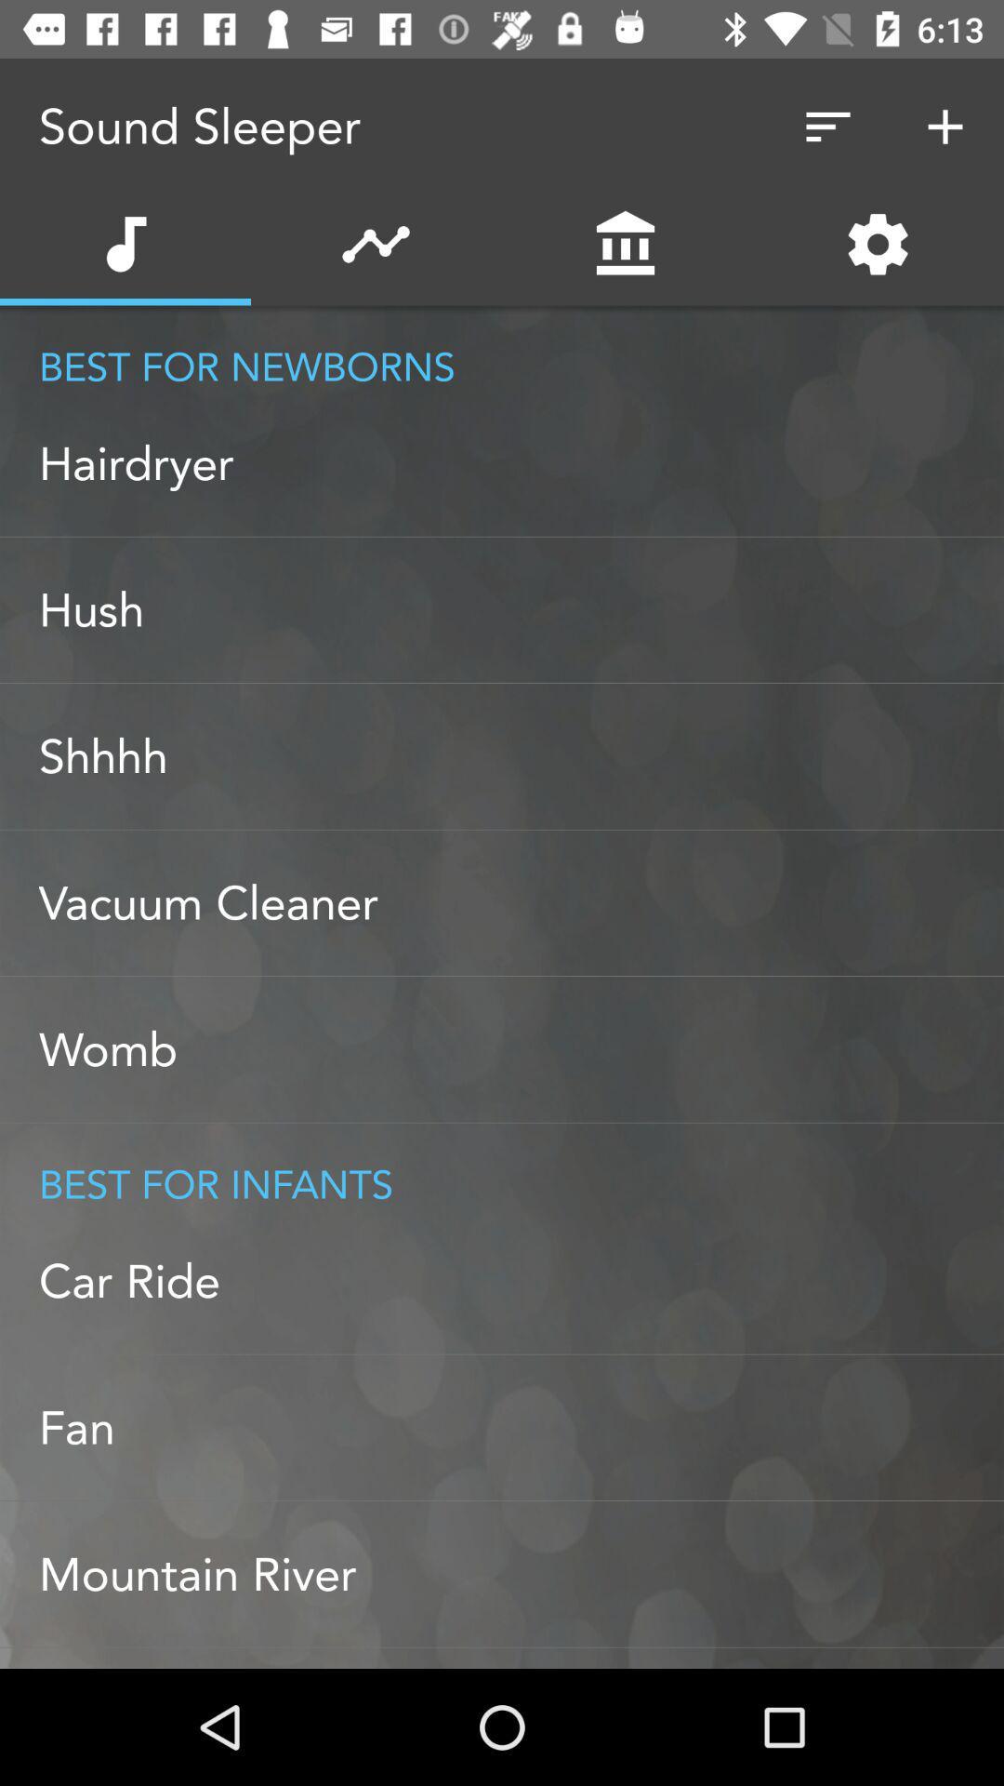 The width and height of the screenshot is (1004, 1786). I want to click on the icon below best for infants icon, so click(521, 1280).